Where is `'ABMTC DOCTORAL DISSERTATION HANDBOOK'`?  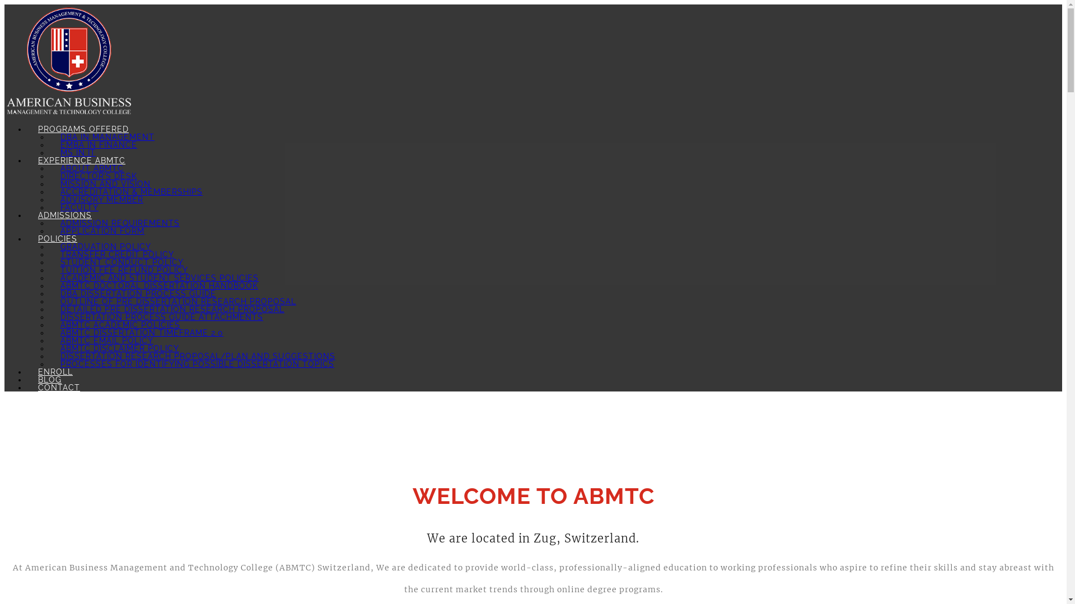 'ABMTC DOCTORAL DISSERTATION HANDBOOK' is located at coordinates (158, 285).